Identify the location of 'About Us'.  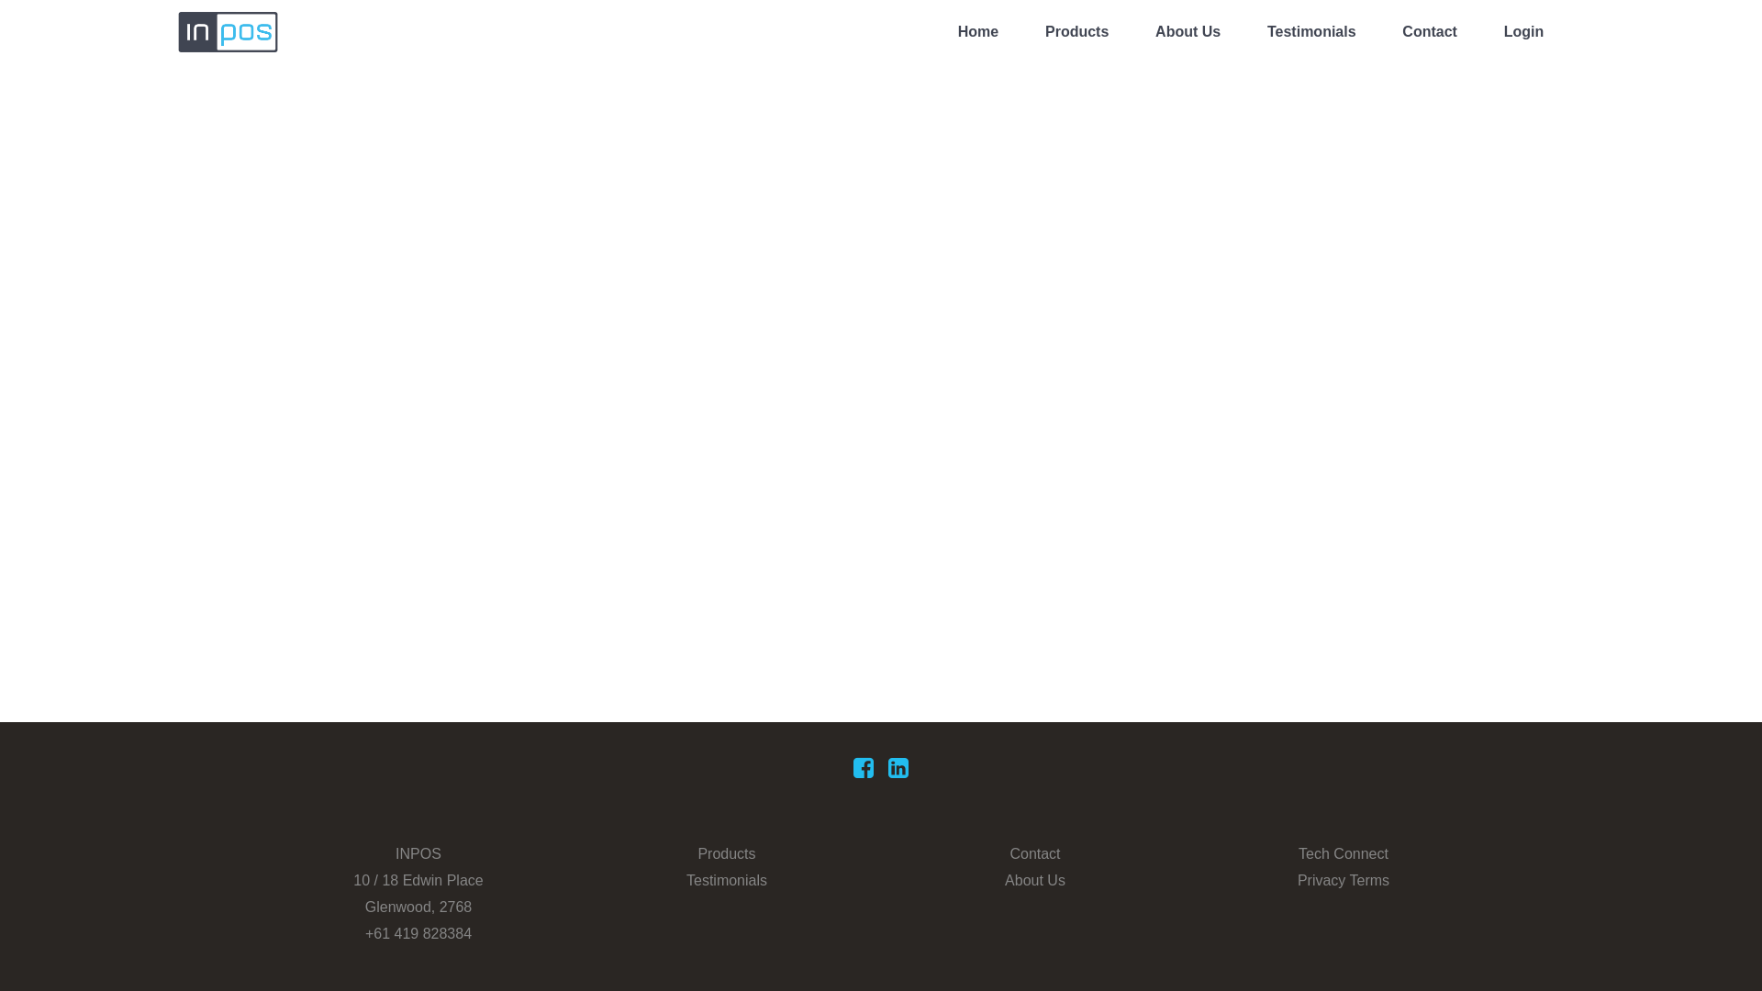
(1035, 880).